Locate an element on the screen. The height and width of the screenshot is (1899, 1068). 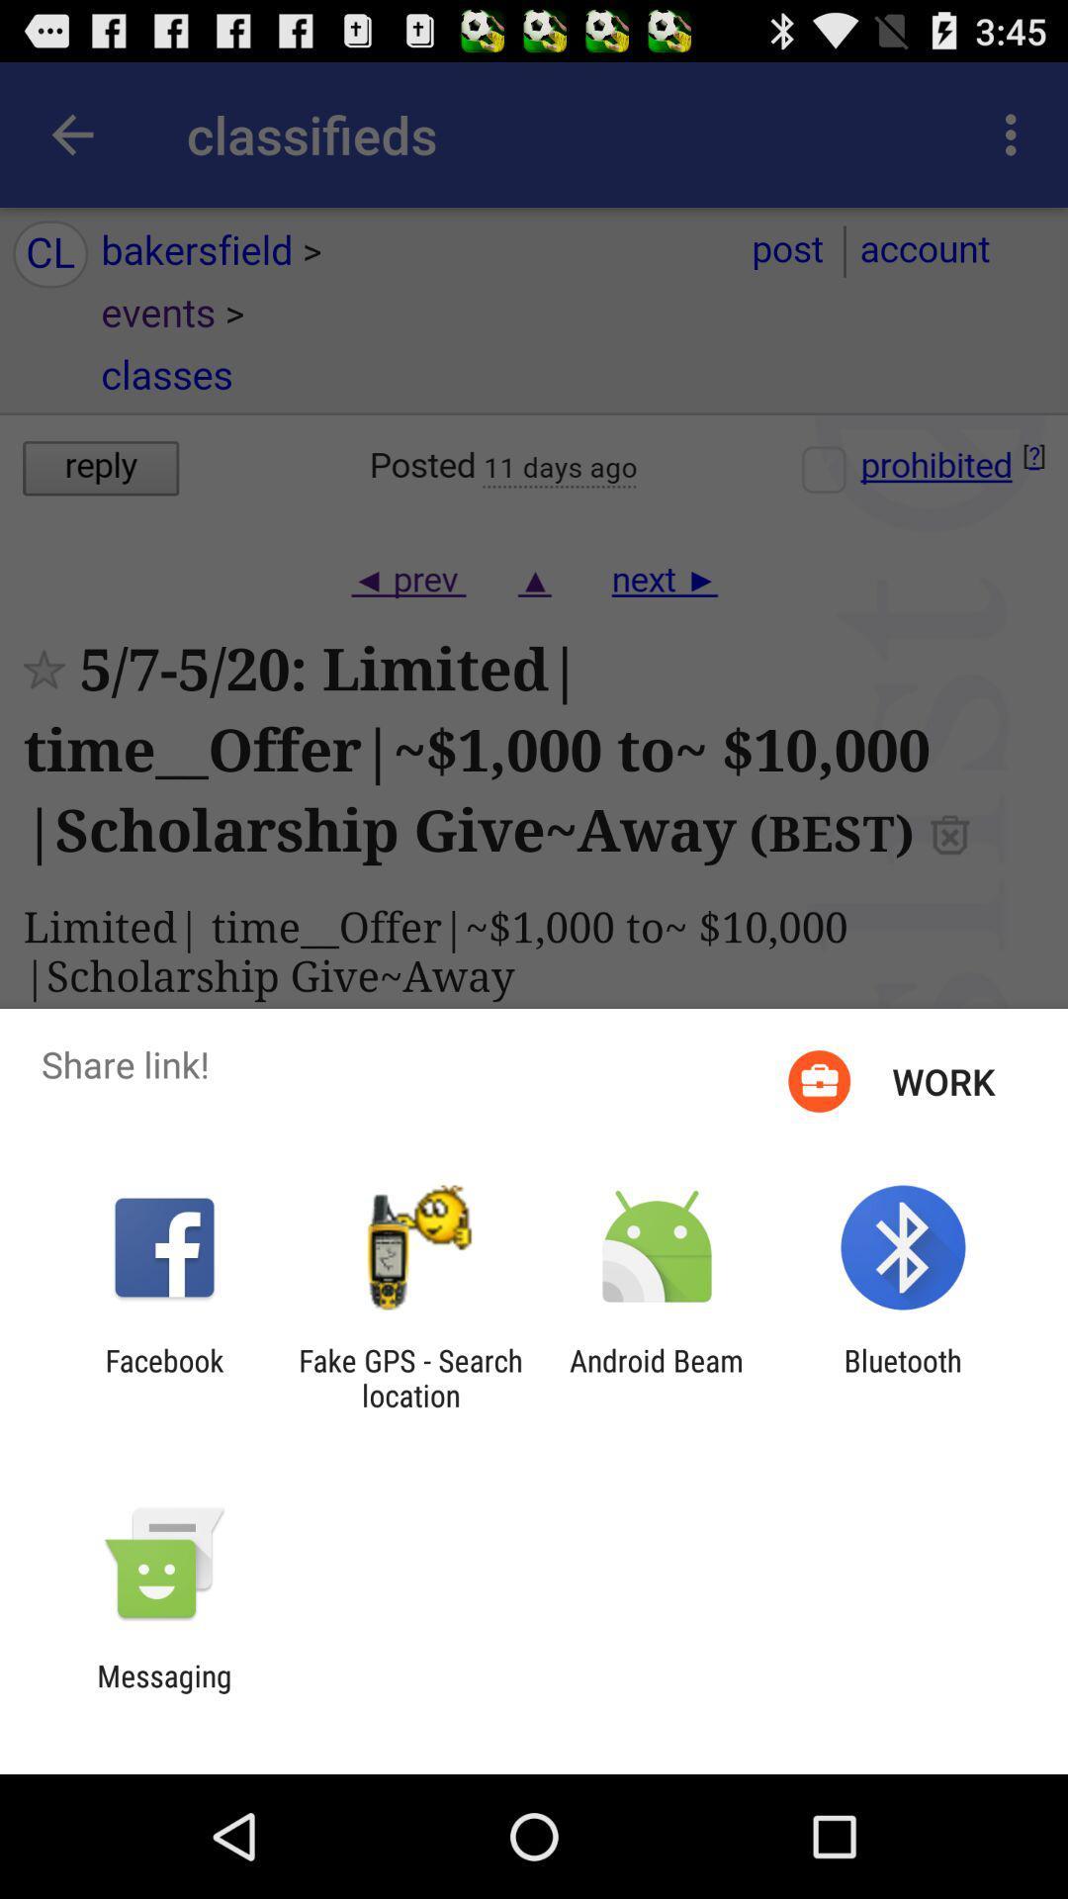
messaging is located at coordinates (163, 1692).